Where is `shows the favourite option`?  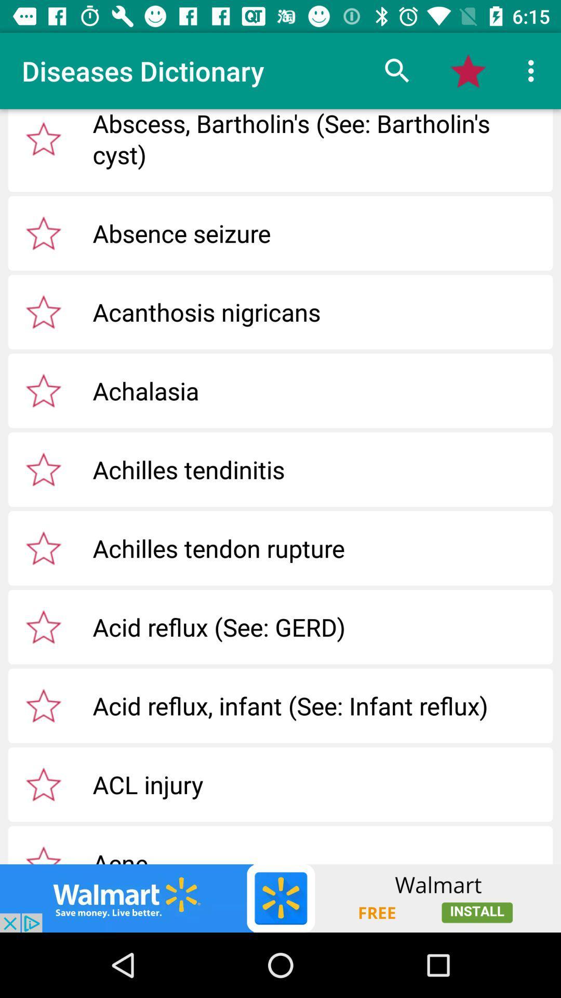
shows the favourite option is located at coordinates (43, 232).